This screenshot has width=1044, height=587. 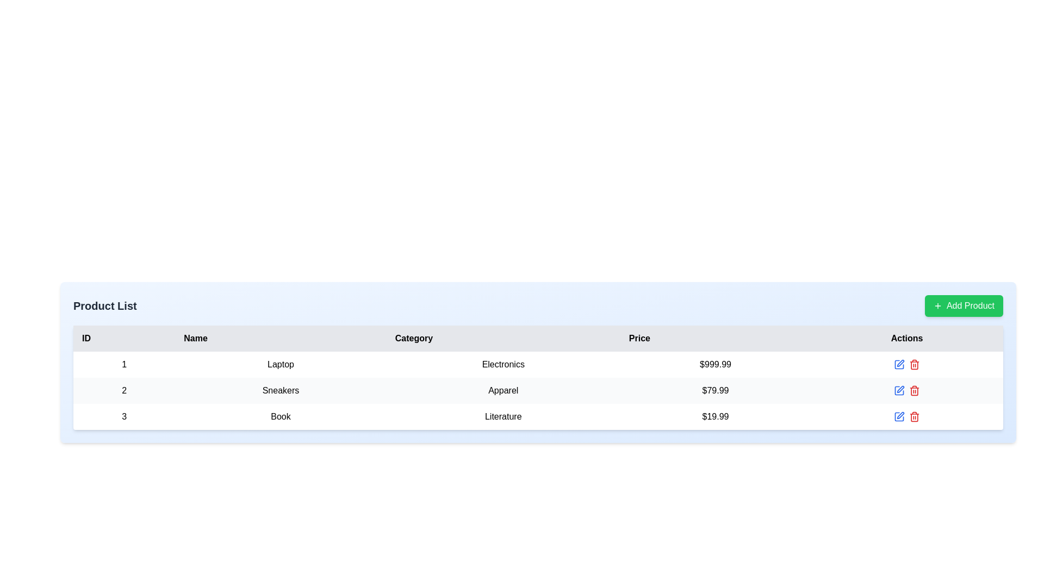 What do you see at coordinates (715, 416) in the screenshot?
I see `the static text element that displays the price of the product labeled as 'Book', located in the last row of the table under the 'Price' column` at bounding box center [715, 416].